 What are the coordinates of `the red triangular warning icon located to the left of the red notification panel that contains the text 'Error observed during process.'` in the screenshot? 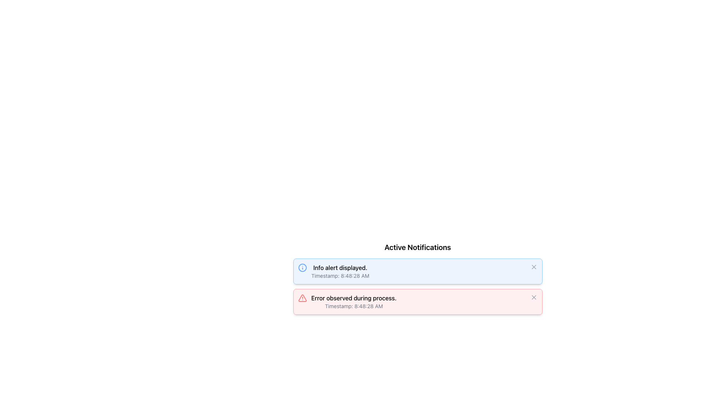 It's located at (302, 298).